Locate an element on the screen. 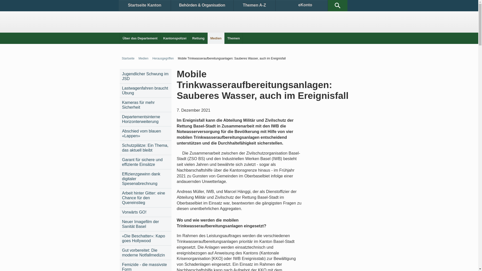 The width and height of the screenshot is (482, 271). 'Startseite Kanton' is located at coordinates (144, 6).